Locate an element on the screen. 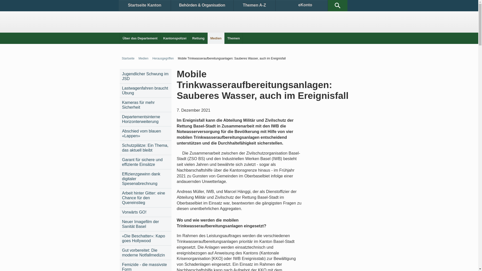 The width and height of the screenshot is (482, 271). 'Startseite Kanton' is located at coordinates (144, 6).